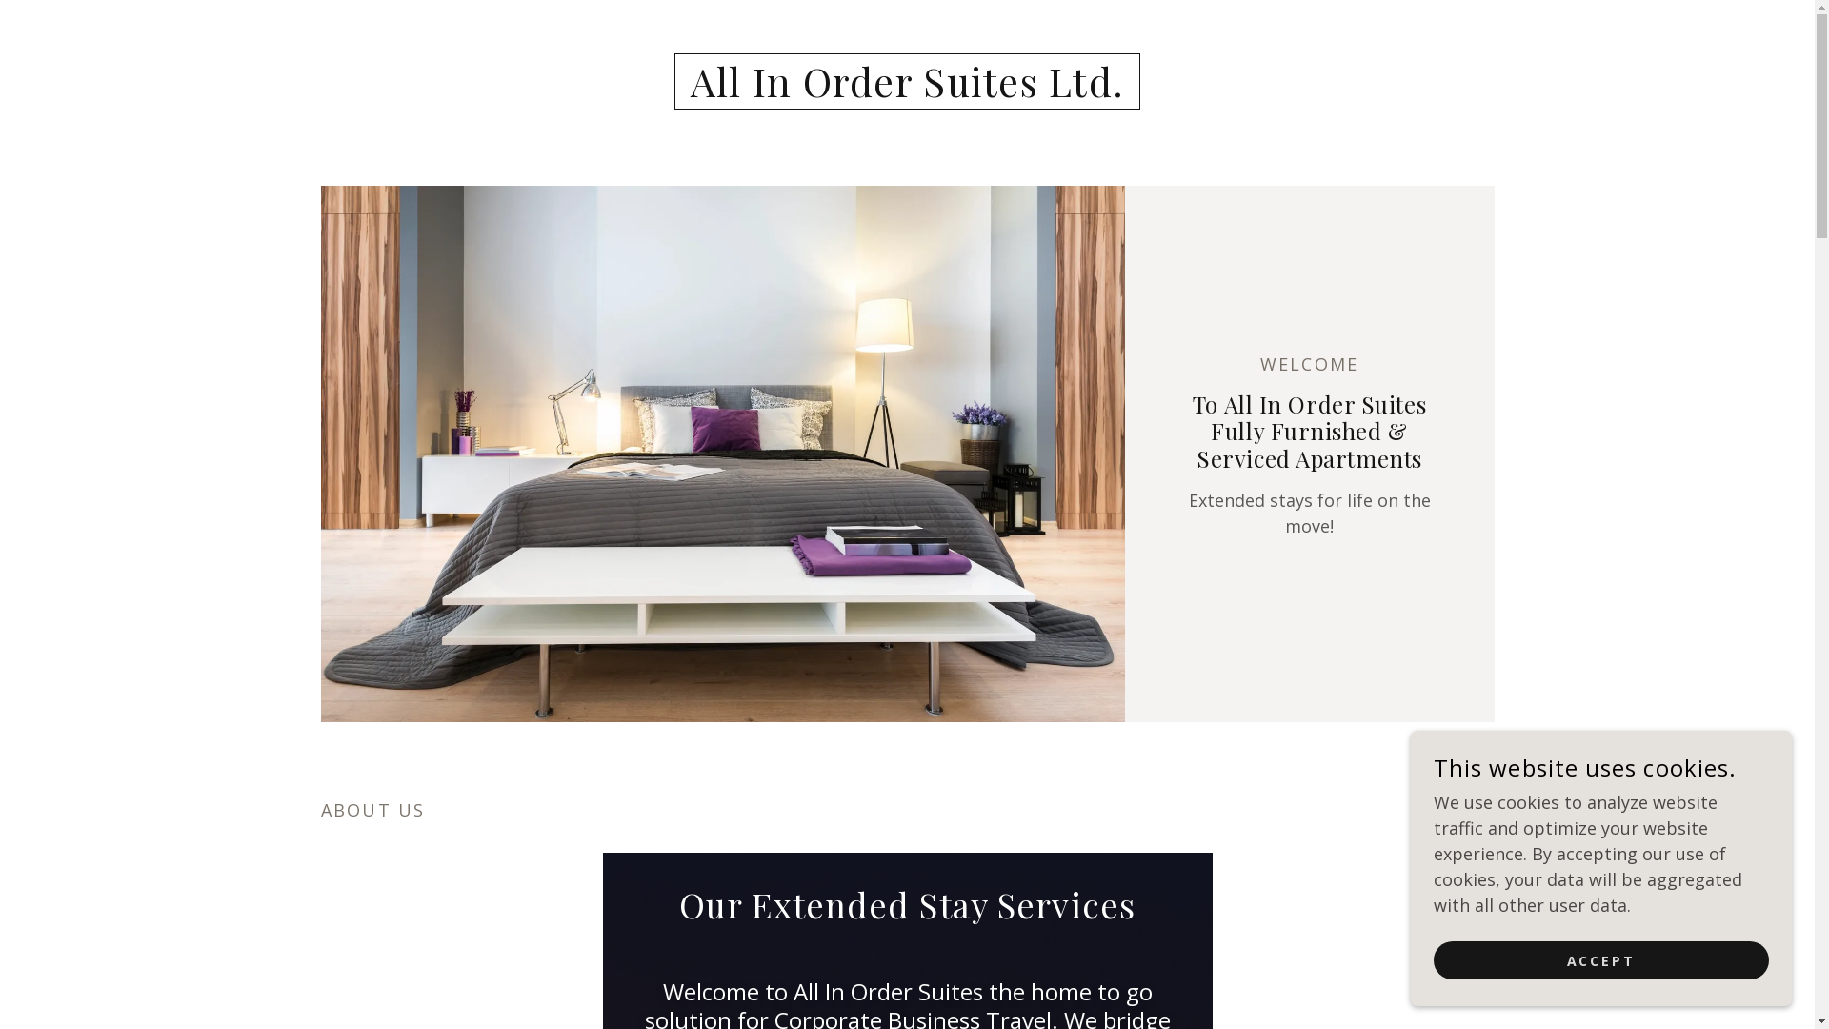 This screenshot has width=1829, height=1029. I want to click on 'All In Order Suites Ltd.', so click(907, 91).